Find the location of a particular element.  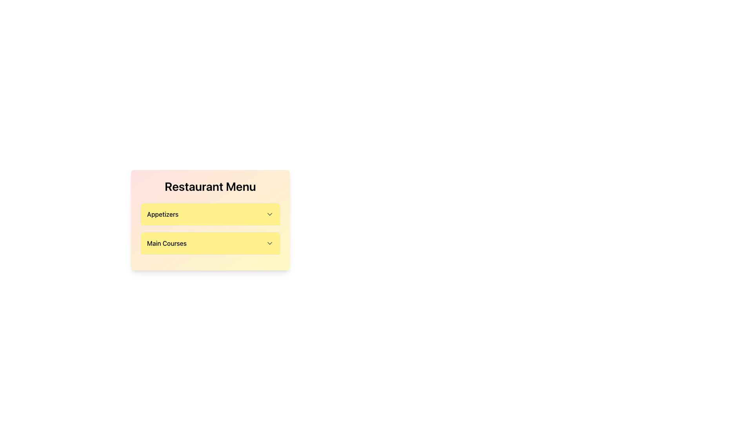

the Dropdown menu button labeled 'Appetizers' with a yellow background and a right-aligned downward-pointing chevron icon is located at coordinates (210, 214).